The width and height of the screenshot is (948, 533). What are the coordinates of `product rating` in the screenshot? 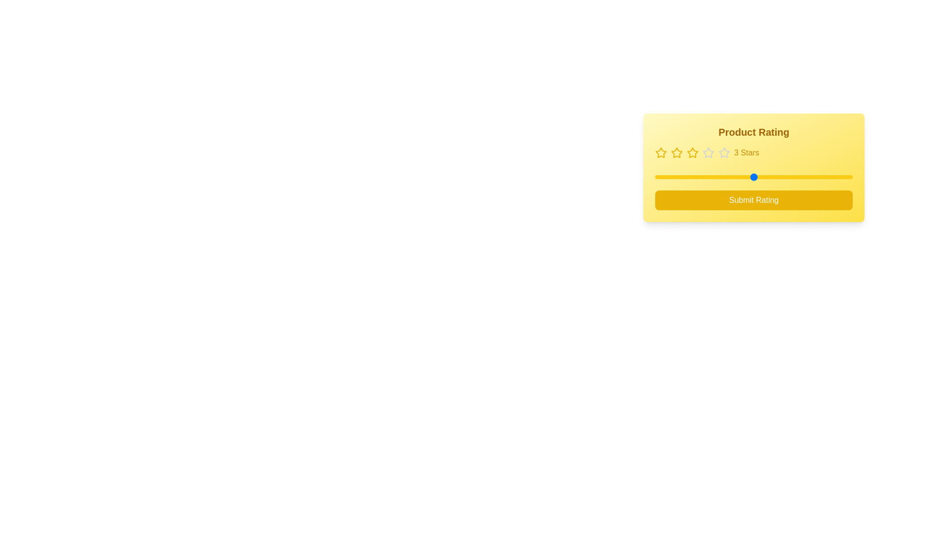 It's located at (655, 176).